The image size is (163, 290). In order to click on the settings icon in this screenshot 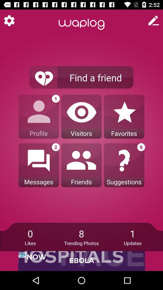, I will do `click(9, 21)`.